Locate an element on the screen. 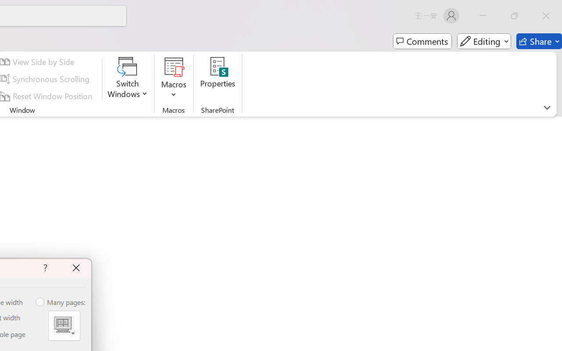  'Editing' is located at coordinates (483, 41).